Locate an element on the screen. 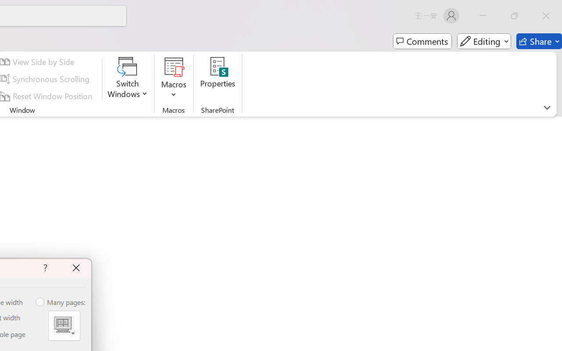  'Editing' is located at coordinates (483, 41).